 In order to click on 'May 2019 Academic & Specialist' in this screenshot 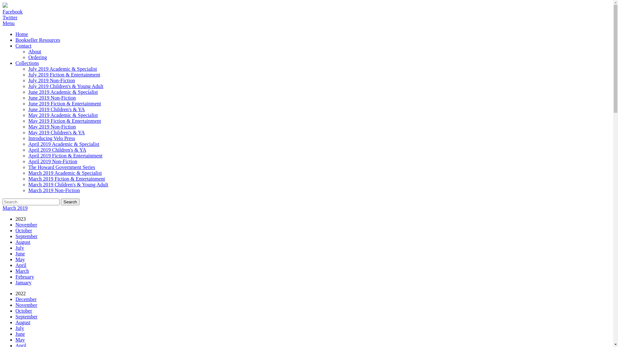, I will do `click(63, 115)`.